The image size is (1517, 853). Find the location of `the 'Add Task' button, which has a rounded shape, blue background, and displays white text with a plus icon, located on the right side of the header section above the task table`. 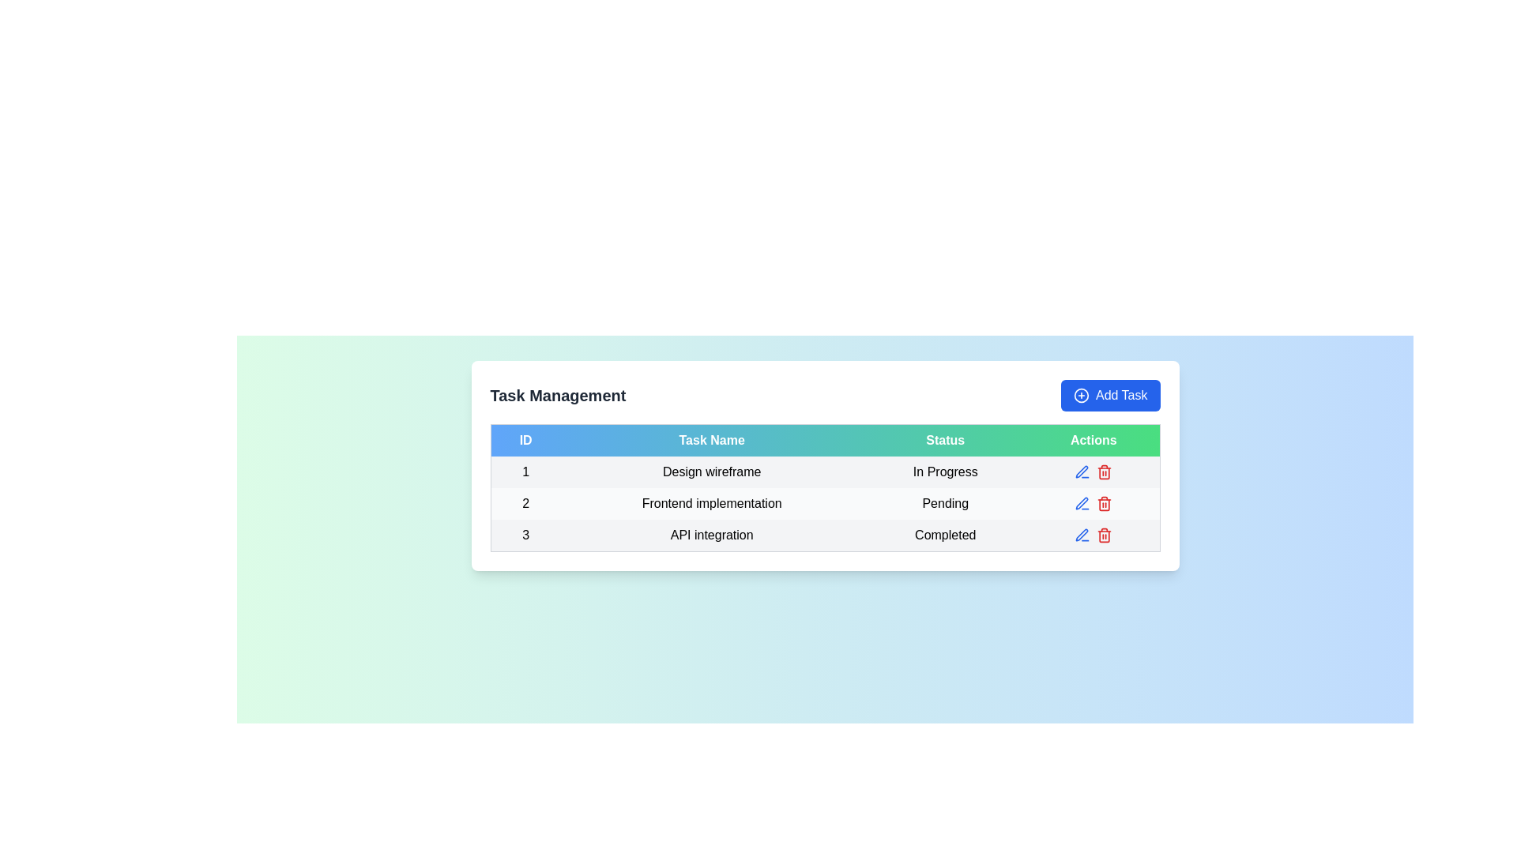

the 'Add Task' button, which has a rounded shape, blue background, and displays white text with a plus icon, located on the right side of the header section above the task table is located at coordinates (1109, 395).